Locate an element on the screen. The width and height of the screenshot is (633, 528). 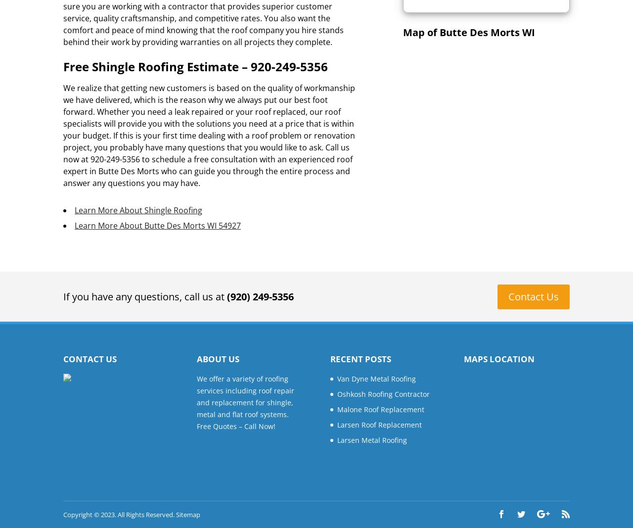
'If you have any questions, call us at' is located at coordinates (144, 296).